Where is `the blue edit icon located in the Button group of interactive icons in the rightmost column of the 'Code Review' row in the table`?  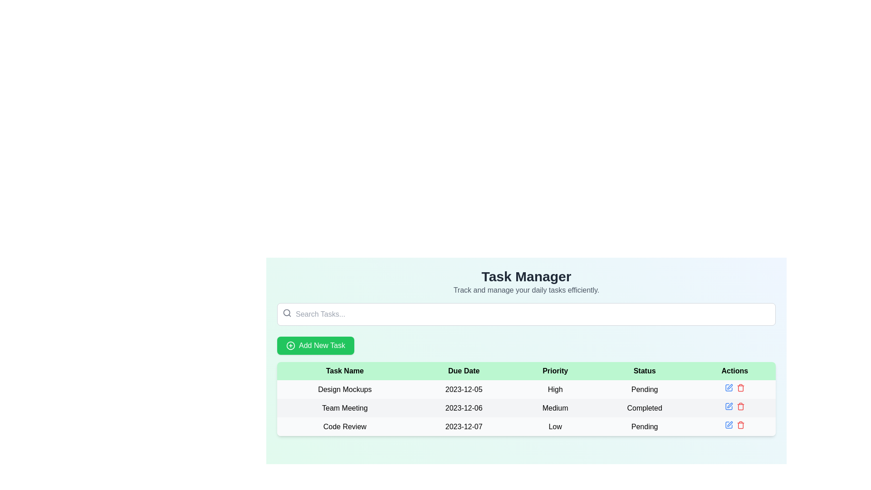
the blue edit icon located in the Button group of interactive icons in the rightmost column of the 'Code Review' row in the table is located at coordinates (734, 426).